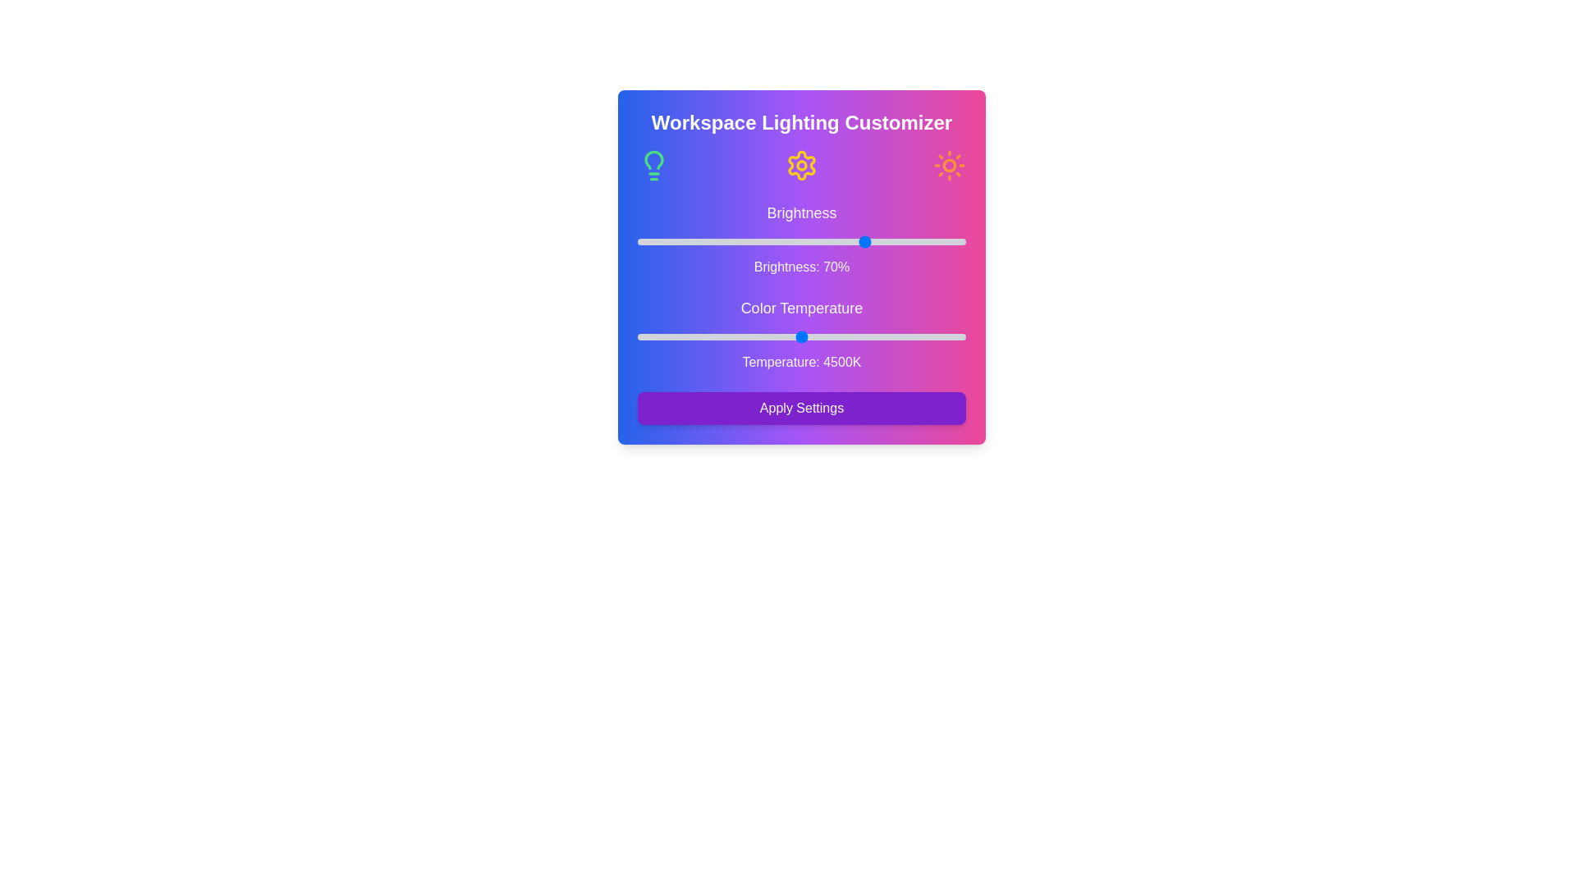 The image size is (1576, 886). What do you see at coordinates (917, 336) in the screenshot?
I see `the color temperature slider to 5919 K` at bounding box center [917, 336].